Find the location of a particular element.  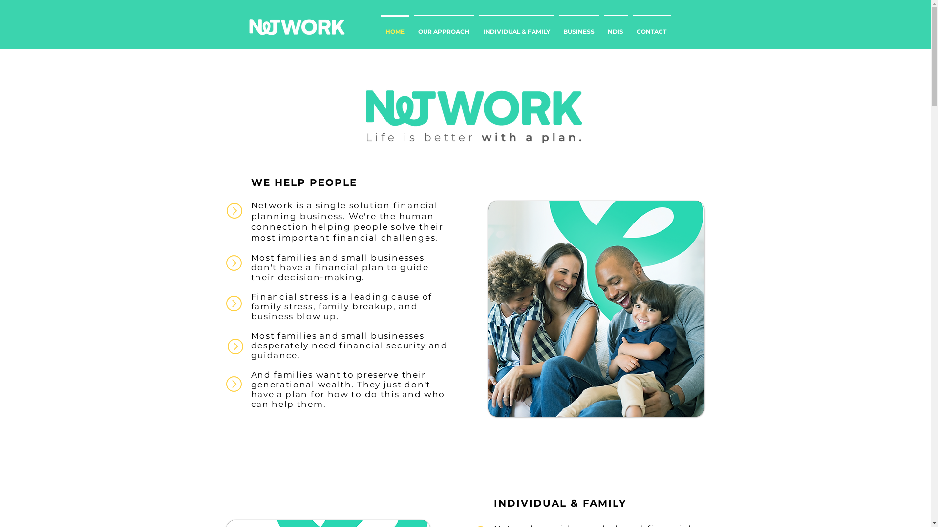

'BUSINESS' is located at coordinates (557, 27).